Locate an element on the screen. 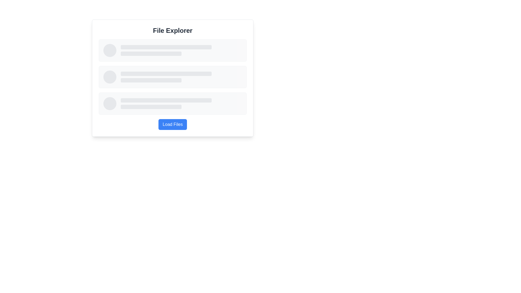  the SkeletonLoaderRow, which is the third row in a vertical list of content rows, featuring a light gray background, a circular placeholder on the left, and two stacked rectangular placeholders on the right is located at coordinates (172, 103).